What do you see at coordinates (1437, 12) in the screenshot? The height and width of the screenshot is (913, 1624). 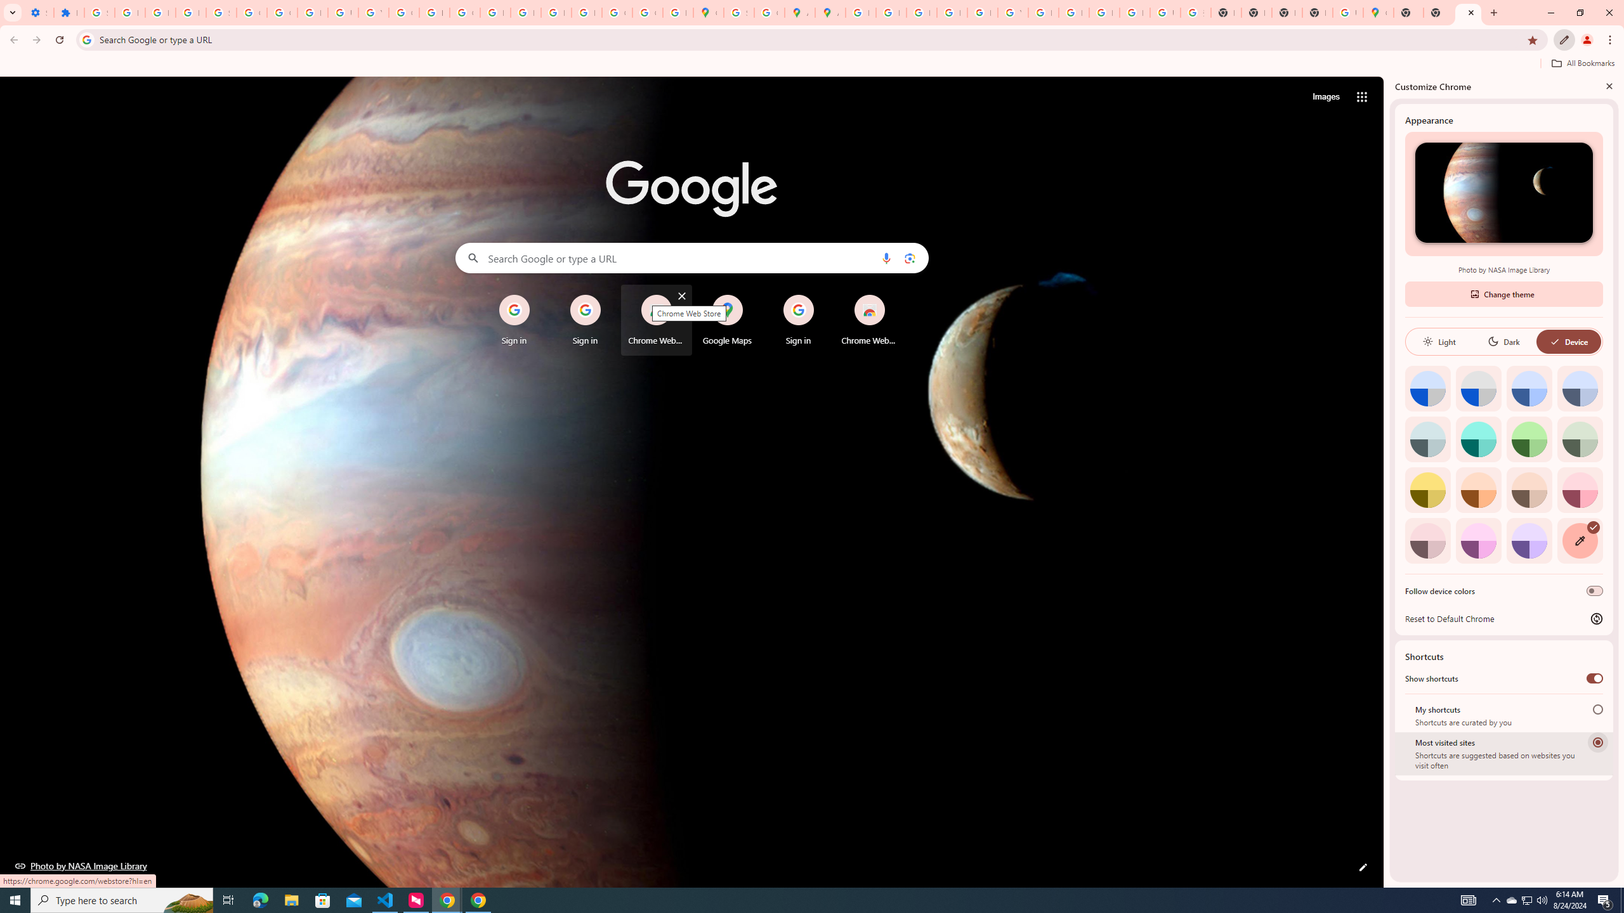 I see `'New Tab'` at bounding box center [1437, 12].